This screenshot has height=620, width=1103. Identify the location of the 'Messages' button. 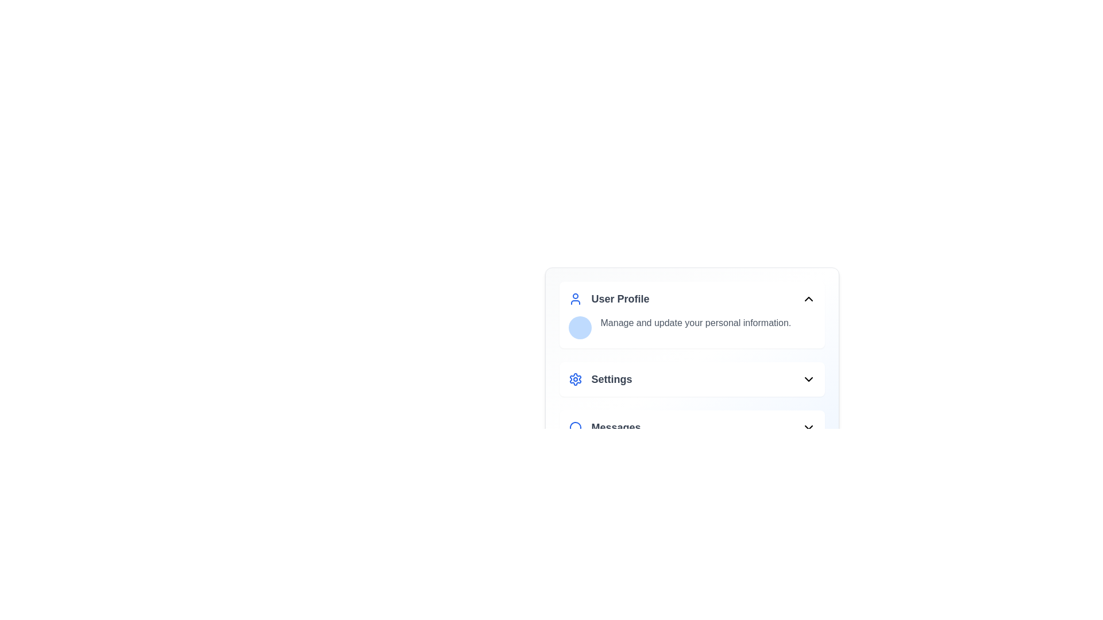
(691, 427).